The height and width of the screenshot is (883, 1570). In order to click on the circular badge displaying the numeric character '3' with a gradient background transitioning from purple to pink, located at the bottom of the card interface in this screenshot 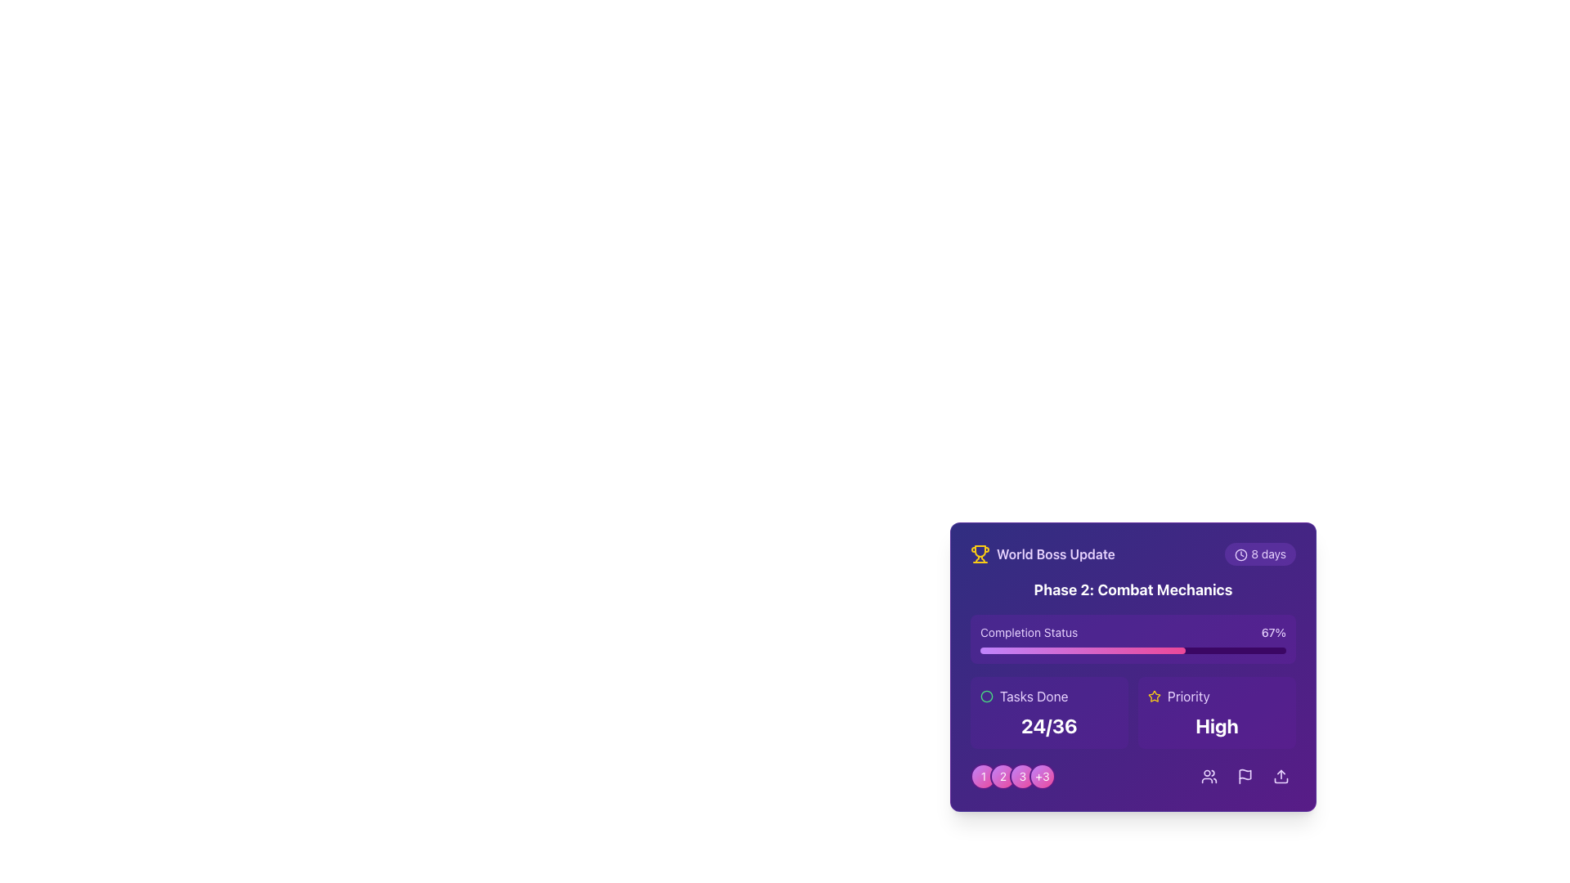, I will do `click(1022, 775)`.